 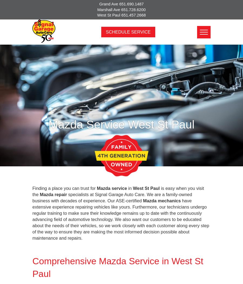 I want to click on 'is easy when you visit the', so click(x=118, y=191).